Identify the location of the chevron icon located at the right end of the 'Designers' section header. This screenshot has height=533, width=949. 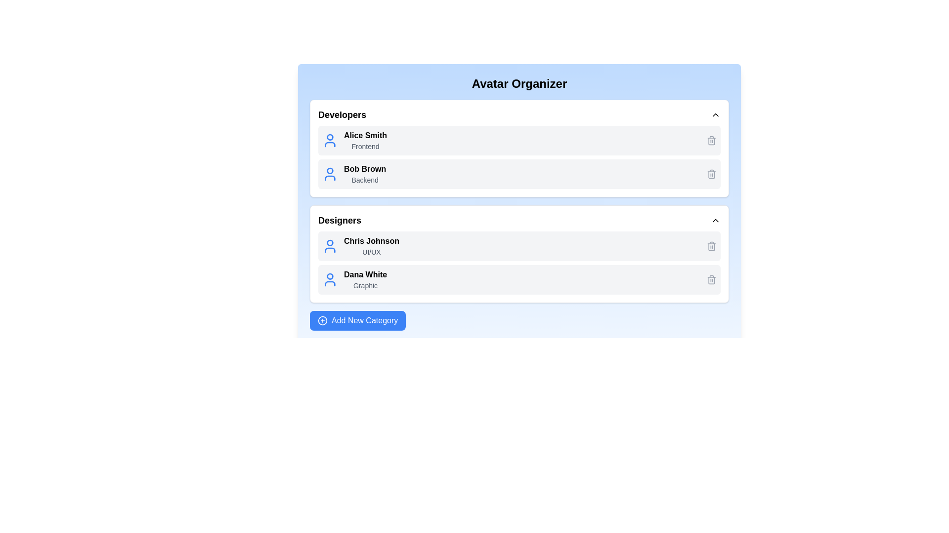
(716, 220).